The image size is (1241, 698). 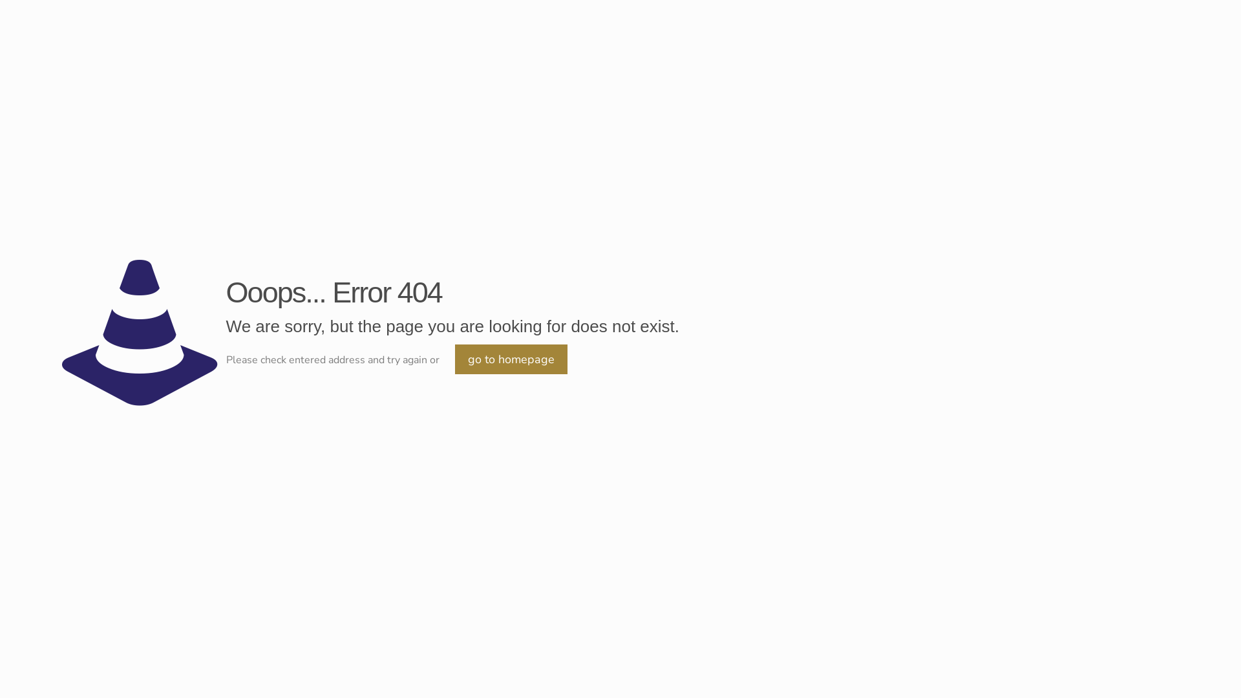 I want to click on 'go to homepage', so click(x=511, y=359).